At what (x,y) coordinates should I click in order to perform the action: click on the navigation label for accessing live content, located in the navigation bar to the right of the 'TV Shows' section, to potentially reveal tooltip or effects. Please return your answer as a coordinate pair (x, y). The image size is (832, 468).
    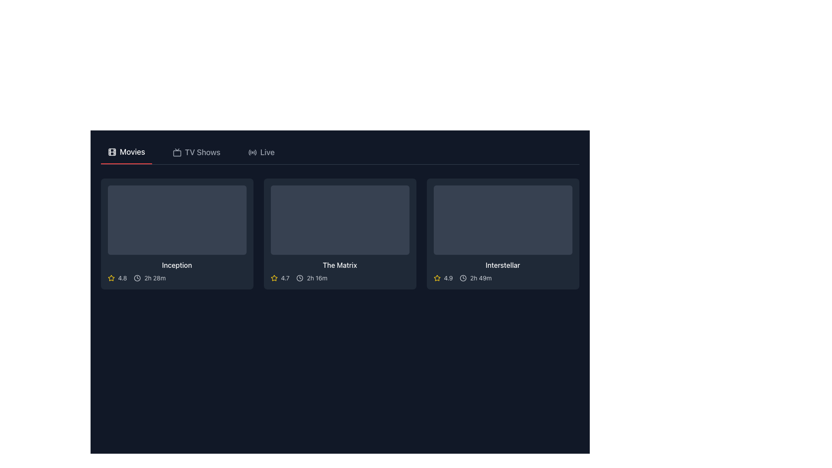
    Looking at the image, I should click on (267, 152).